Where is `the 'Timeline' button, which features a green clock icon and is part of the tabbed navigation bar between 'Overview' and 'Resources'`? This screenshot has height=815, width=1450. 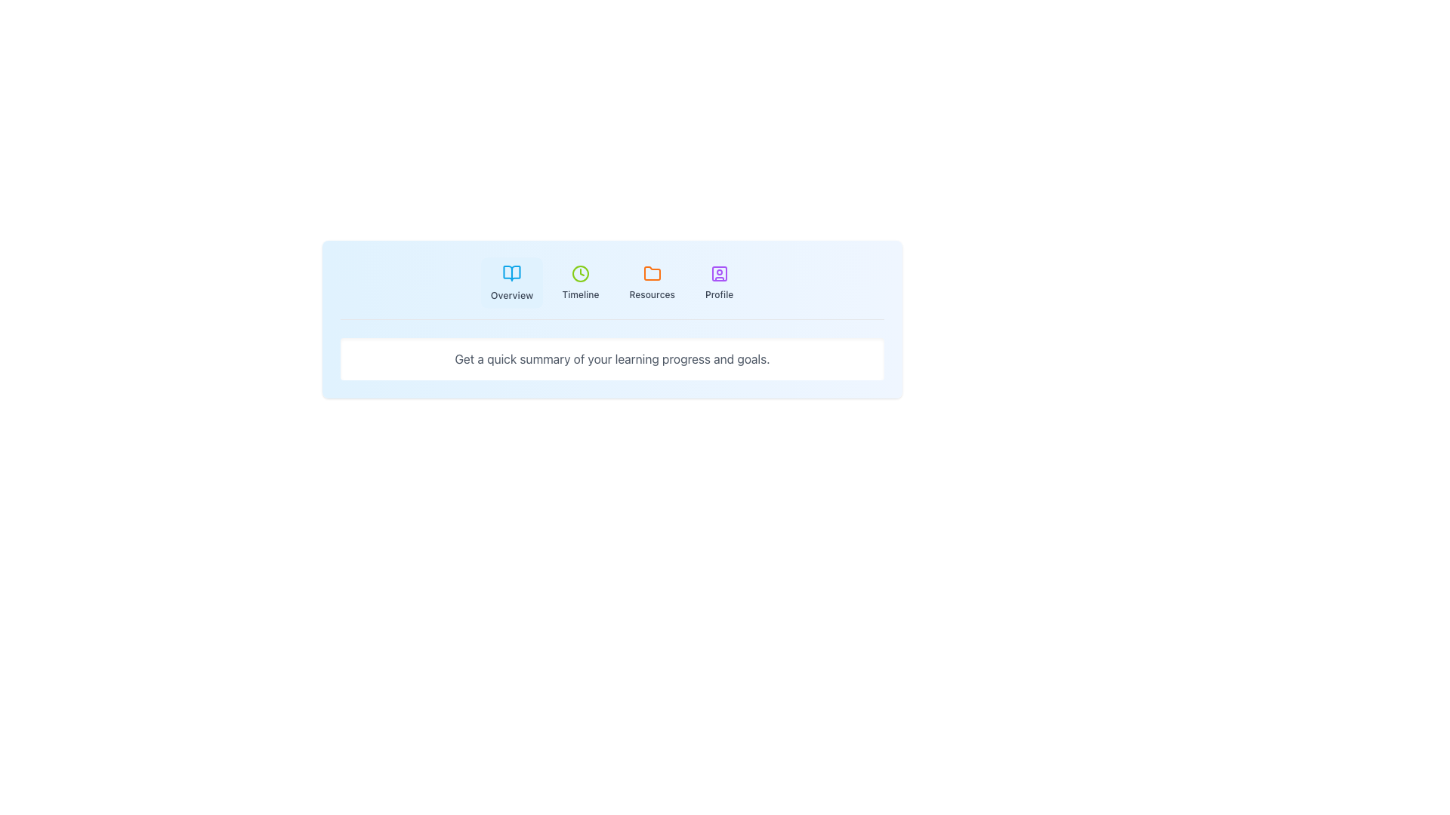 the 'Timeline' button, which features a green clock icon and is part of the tabbed navigation bar between 'Overview' and 'Resources' is located at coordinates (579, 282).